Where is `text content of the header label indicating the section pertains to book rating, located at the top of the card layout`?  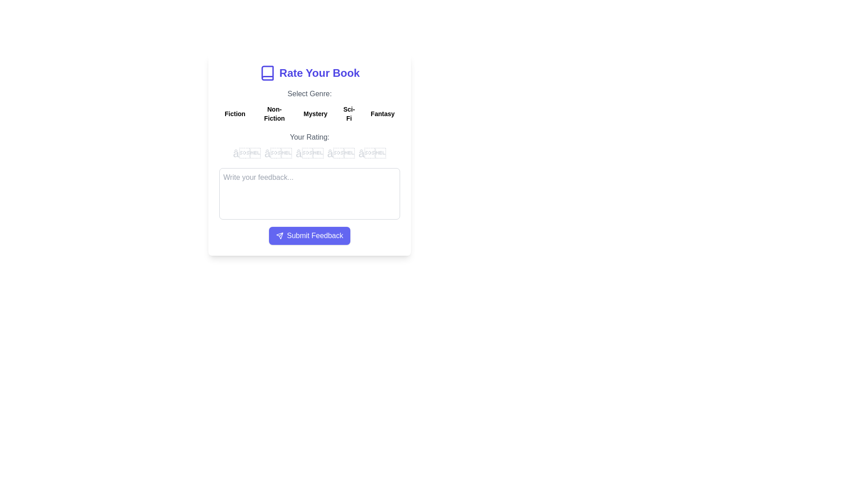
text content of the header label indicating the section pertains to book rating, located at the top of the card layout is located at coordinates (319, 73).